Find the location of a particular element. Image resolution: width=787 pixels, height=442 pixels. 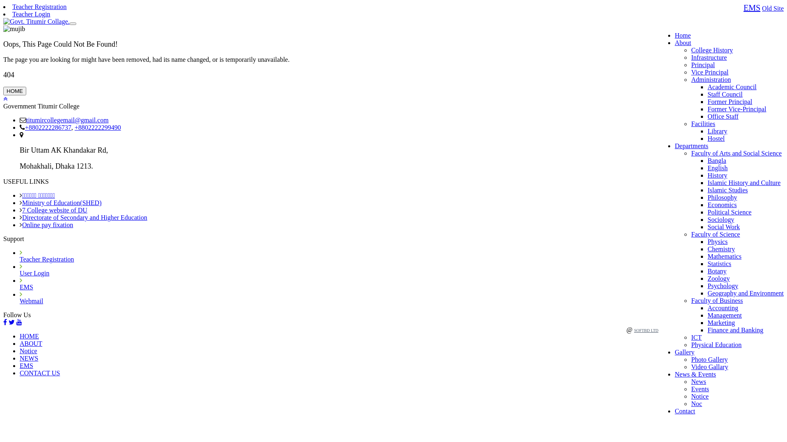

'Events' is located at coordinates (700, 388).